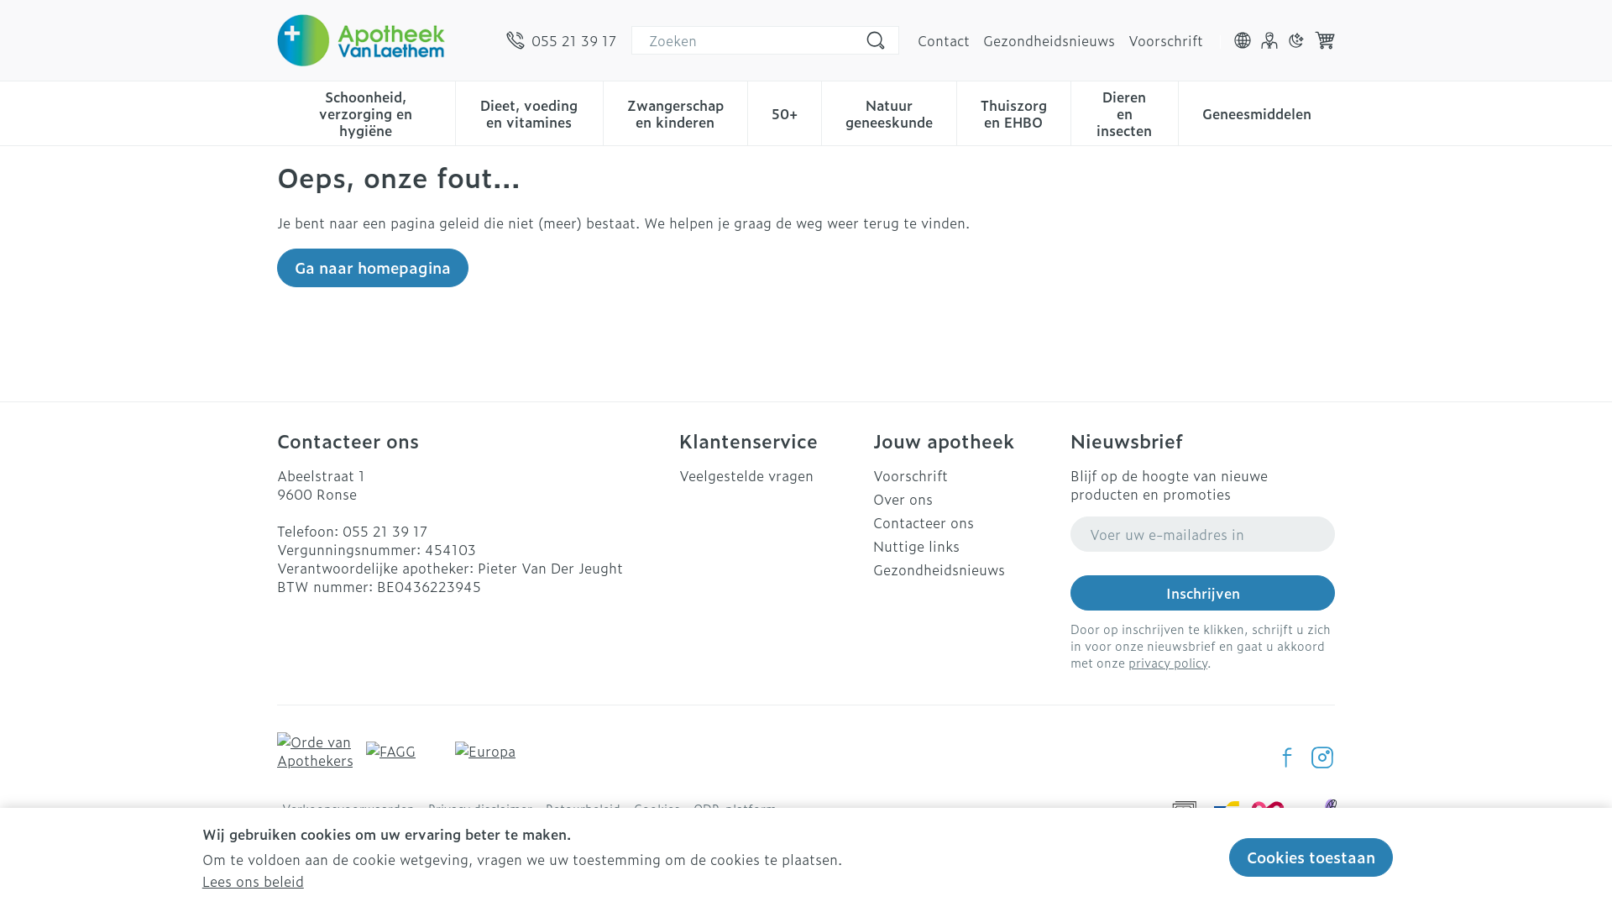 The image size is (1612, 907). I want to click on 'Thuiszorg en EHBO', so click(1013, 111).